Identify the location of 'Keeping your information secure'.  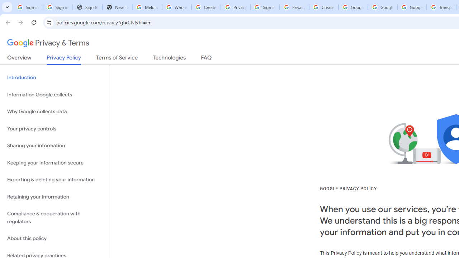
(54, 163).